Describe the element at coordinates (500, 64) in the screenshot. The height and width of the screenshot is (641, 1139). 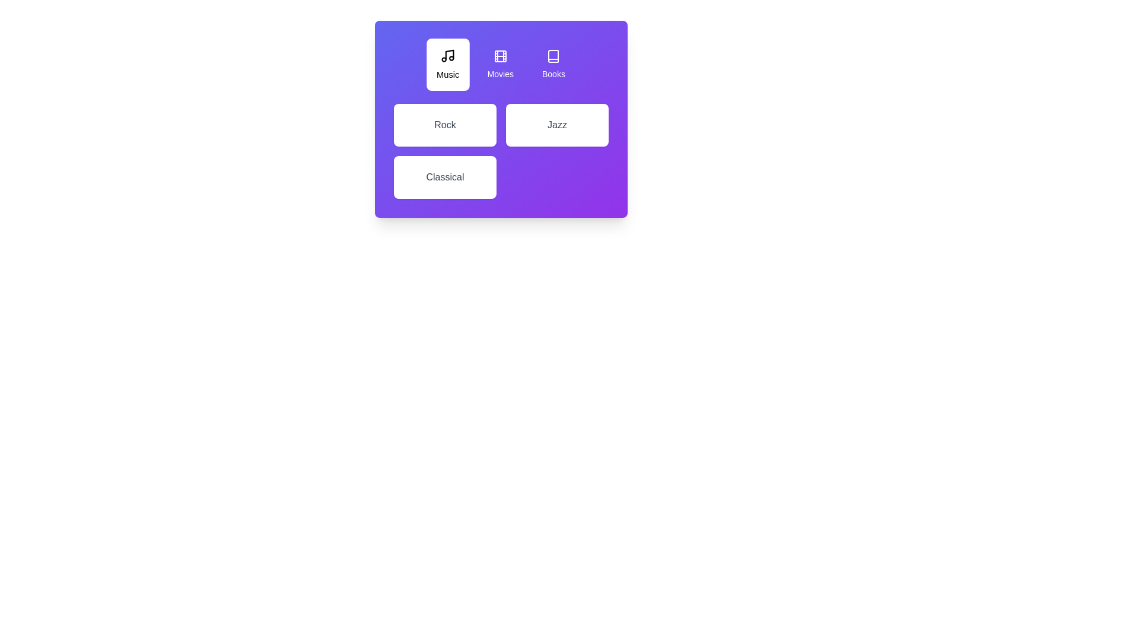
I see `the tab labeled Movies to switch to that tab` at that location.